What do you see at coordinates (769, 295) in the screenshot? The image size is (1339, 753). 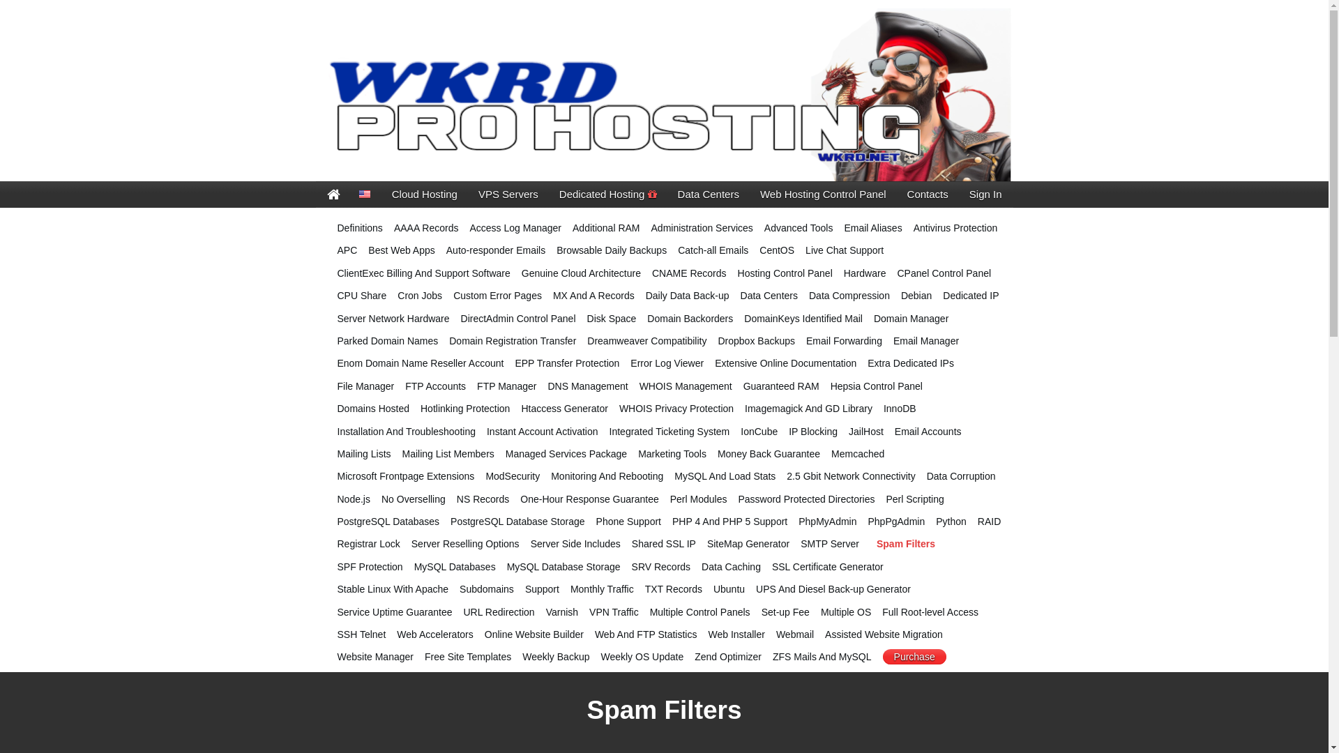 I see `'Data Centers'` at bounding box center [769, 295].